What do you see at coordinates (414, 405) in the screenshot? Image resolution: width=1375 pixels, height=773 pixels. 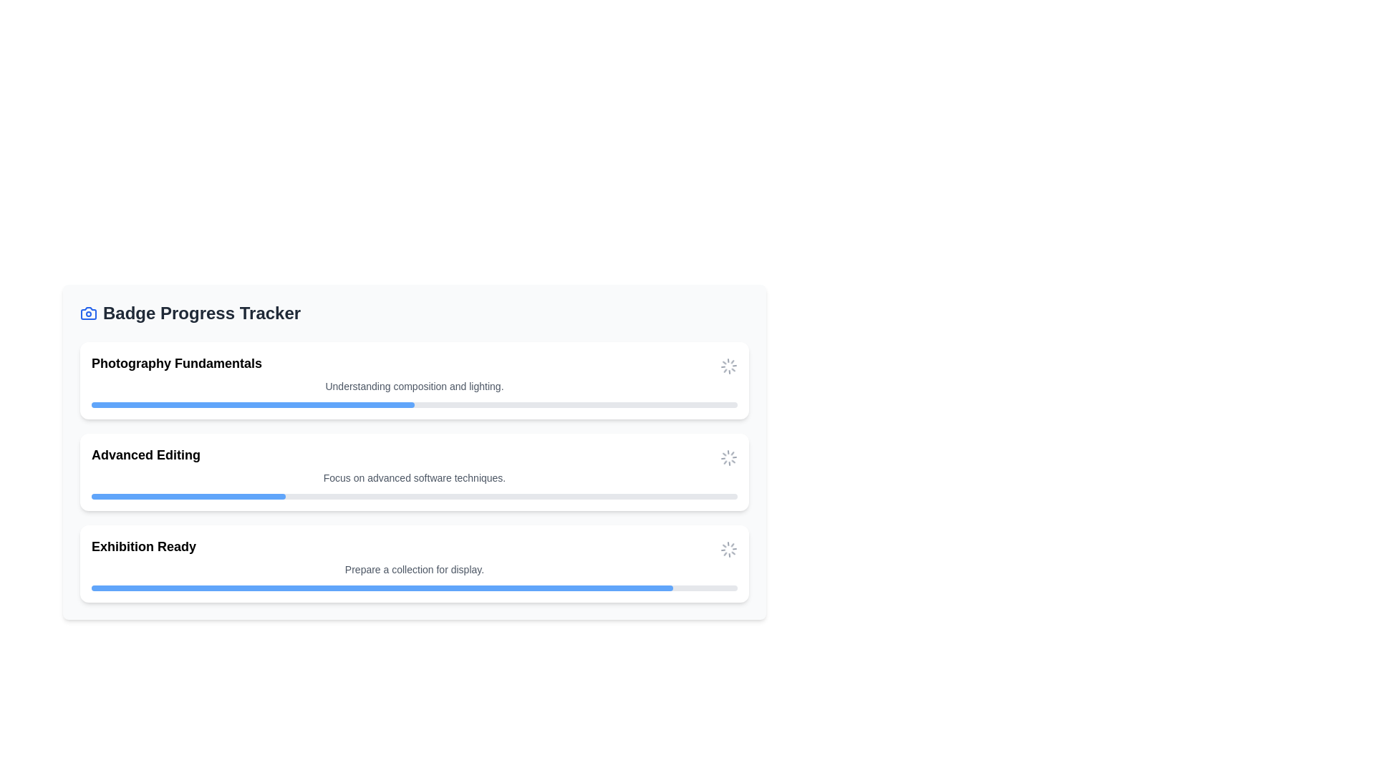 I see `the progress completion state of the Progress Bar located inside the 'Photography Fundamentals' box, directly below the description text 'Understanding composition and lighting.'` at bounding box center [414, 405].